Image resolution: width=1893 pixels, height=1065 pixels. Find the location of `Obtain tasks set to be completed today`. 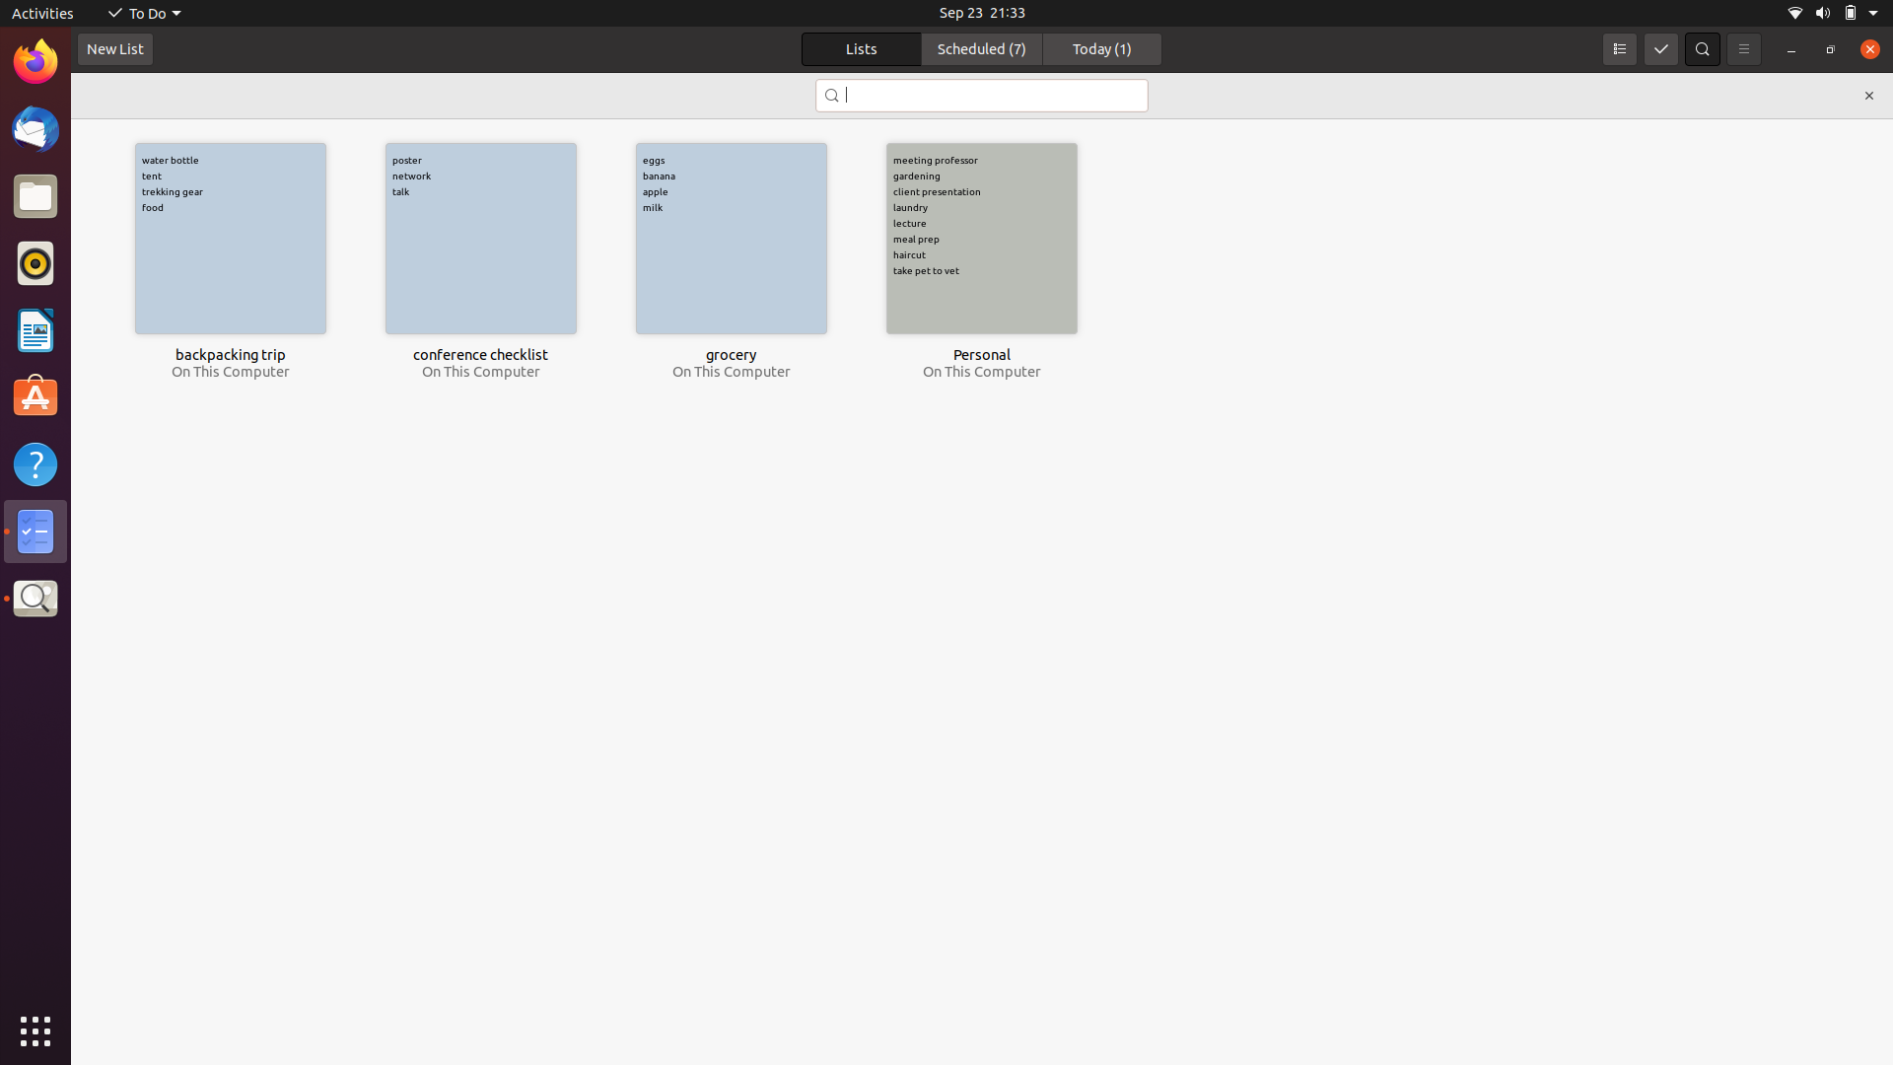

Obtain tasks set to be completed today is located at coordinates (1101, 48).